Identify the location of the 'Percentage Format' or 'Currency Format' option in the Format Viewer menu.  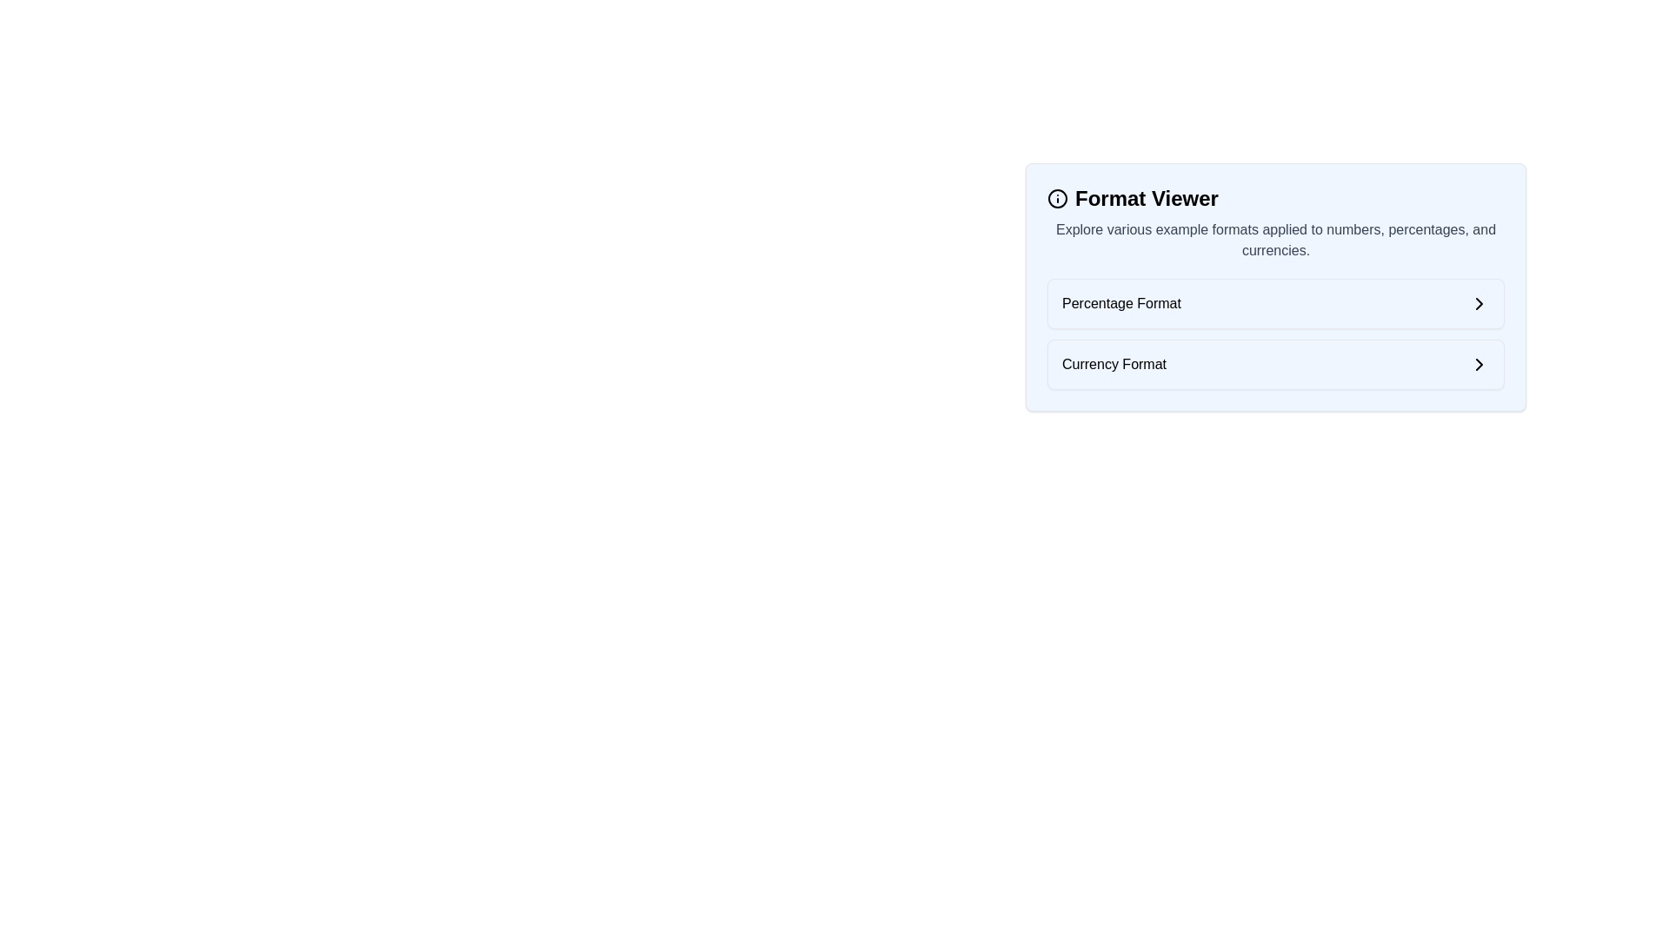
(1276, 334).